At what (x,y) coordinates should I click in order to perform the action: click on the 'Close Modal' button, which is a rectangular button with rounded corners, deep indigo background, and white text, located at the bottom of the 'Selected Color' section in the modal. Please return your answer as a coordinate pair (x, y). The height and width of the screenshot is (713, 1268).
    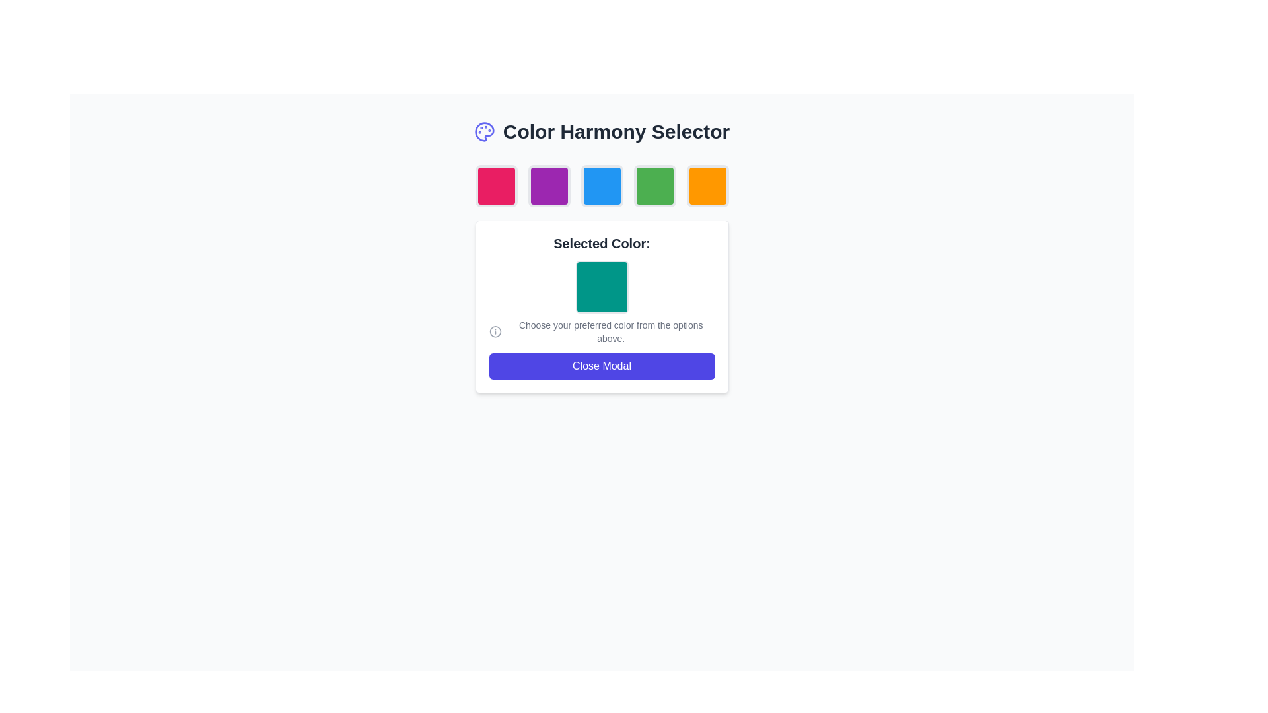
    Looking at the image, I should click on (601, 366).